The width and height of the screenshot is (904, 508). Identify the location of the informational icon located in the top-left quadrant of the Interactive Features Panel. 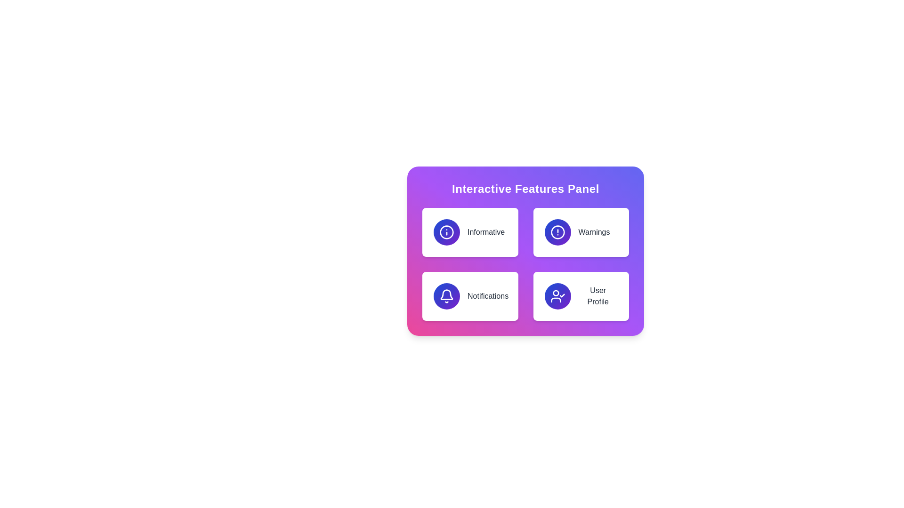
(446, 232).